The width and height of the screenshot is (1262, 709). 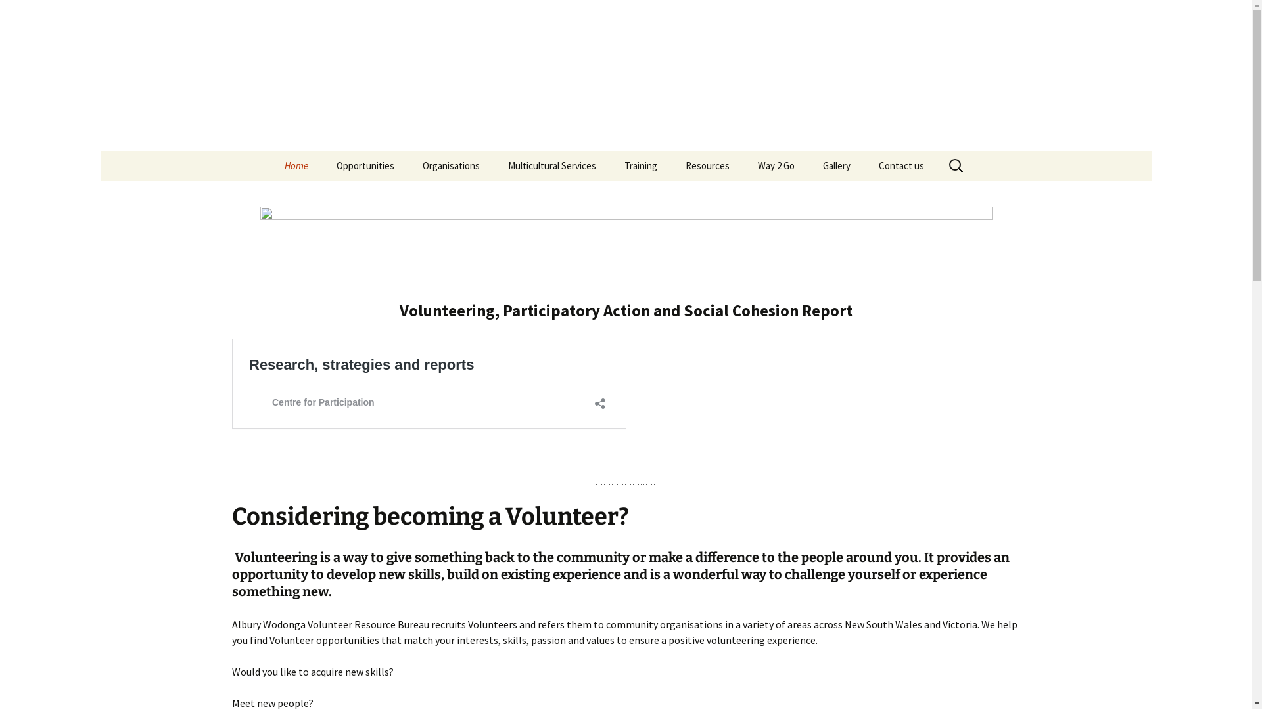 What do you see at coordinates (270, 75) in the screenshot?
I see `'VRB'` at bounding box center [270, 75].